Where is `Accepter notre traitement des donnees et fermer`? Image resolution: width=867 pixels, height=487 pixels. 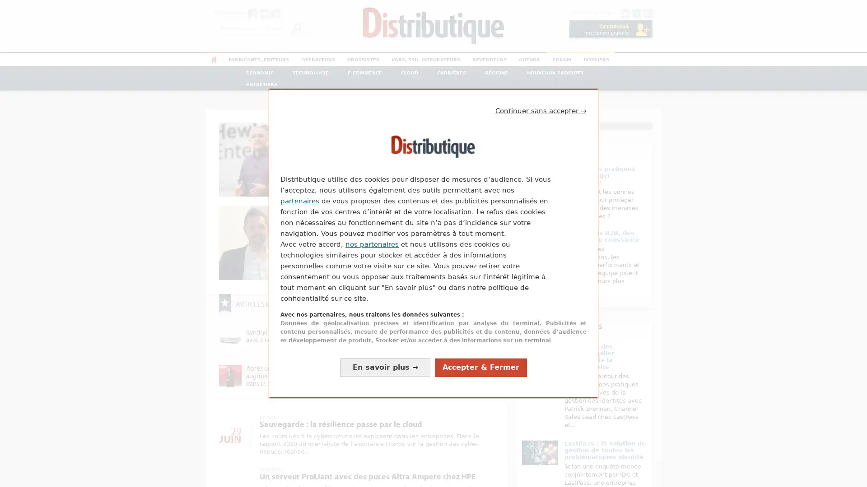
Accepter notre traitement des donnees et fermer is located at coordinates (480, 367).